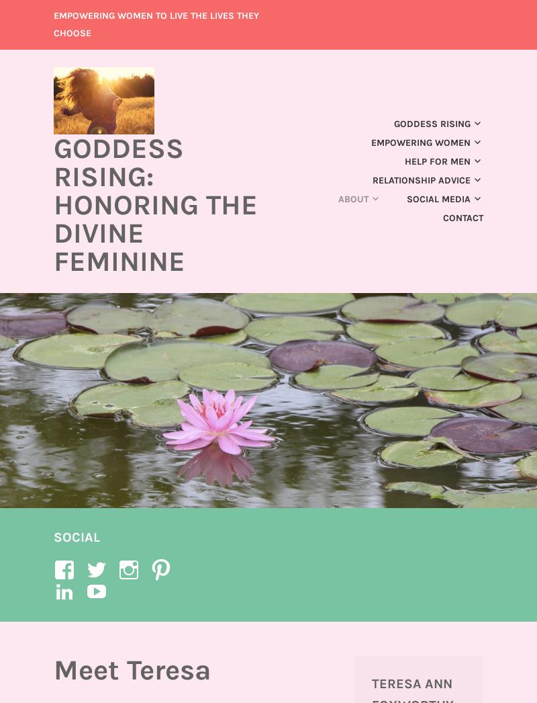 This screenshot has width=537, height=703. I want to click on 'Relationship Advice', so click(422, 179).